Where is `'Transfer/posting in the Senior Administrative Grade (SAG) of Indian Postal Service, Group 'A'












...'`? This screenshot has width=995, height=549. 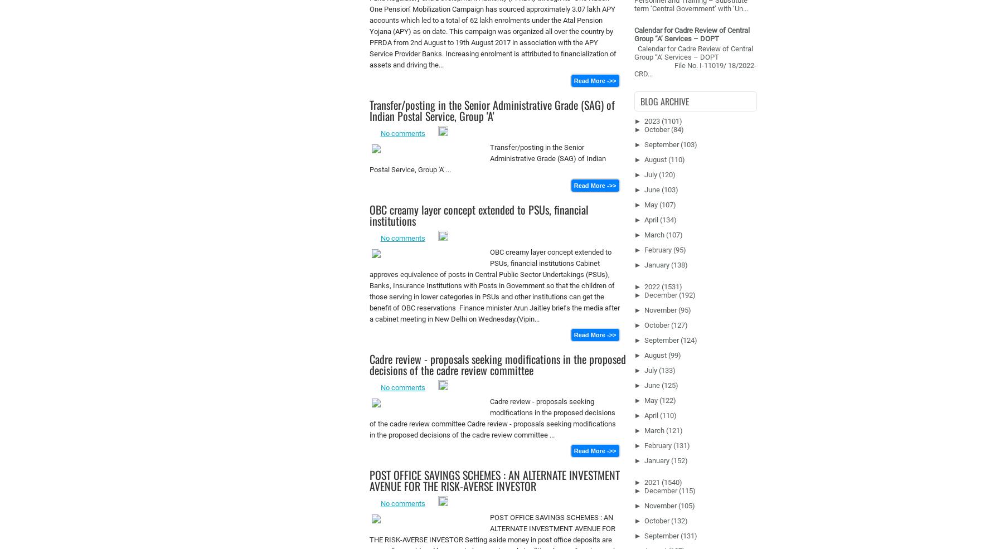
'Transfer/posting in the Senior Administrative Grade (SAG) of Indian Postal Service, Group 'A'












...' is located at coordinates (368, 158).